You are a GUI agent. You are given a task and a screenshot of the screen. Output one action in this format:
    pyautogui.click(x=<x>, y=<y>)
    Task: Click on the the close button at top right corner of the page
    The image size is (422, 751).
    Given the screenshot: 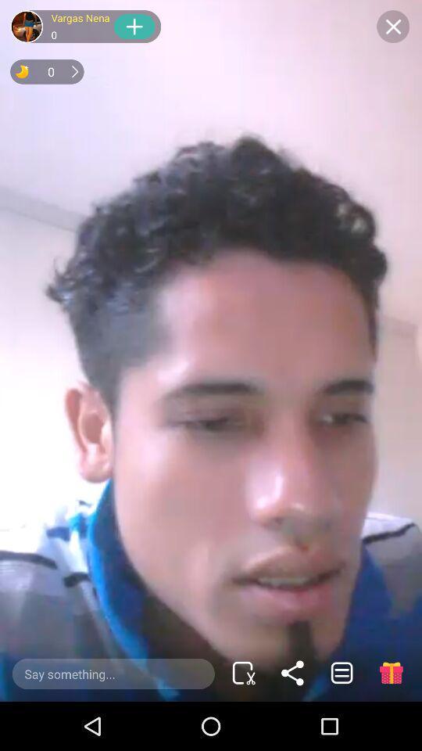 What is the action you would take?
    pyautogui.click(x=392, y=25)
    